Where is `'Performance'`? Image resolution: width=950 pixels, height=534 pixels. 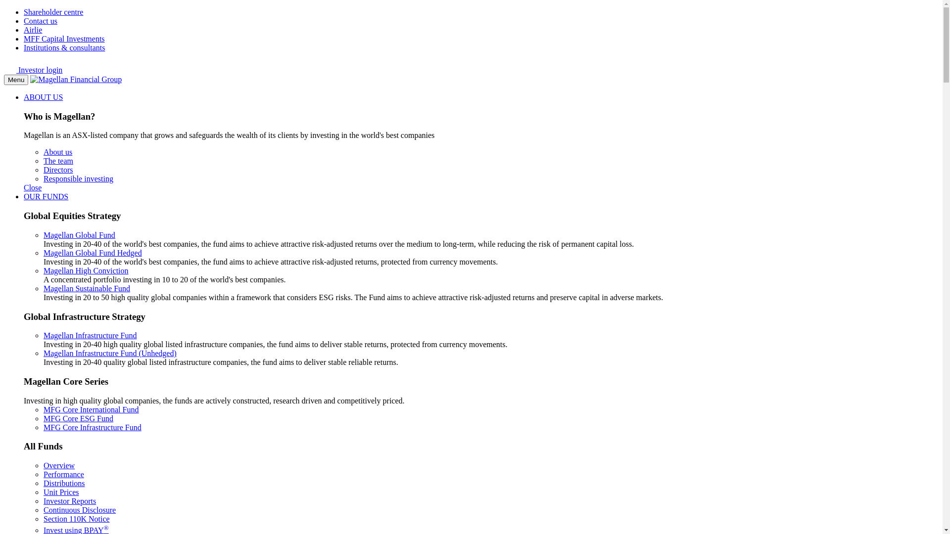 'Performance' is located at coordinates (43, 474).